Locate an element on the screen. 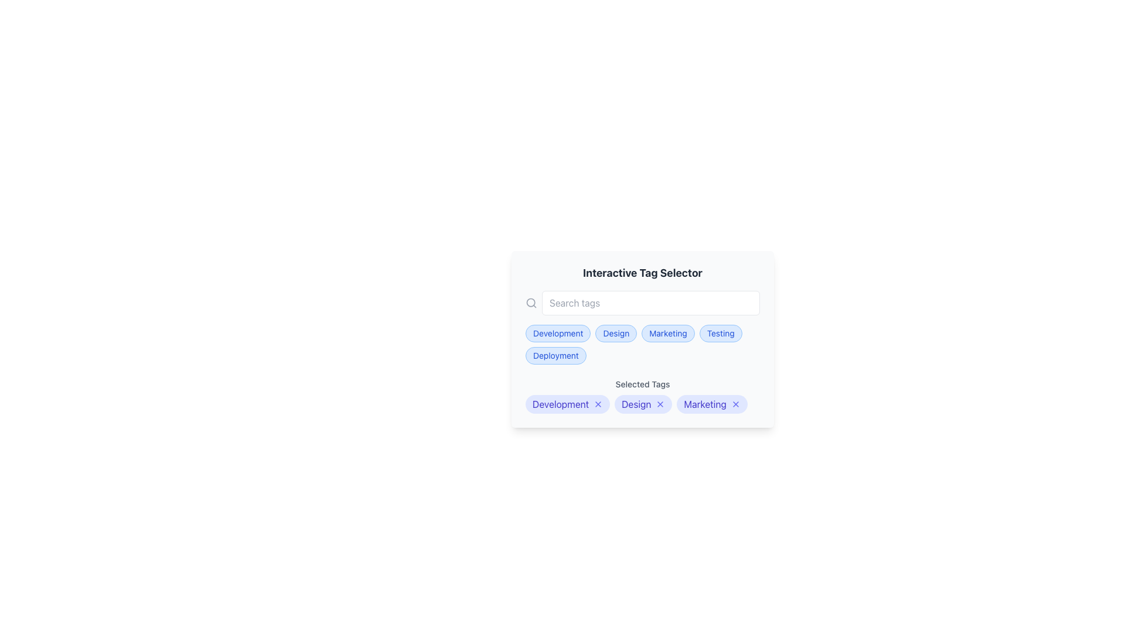  the 'Design' tag button, which is the second item in a horizontal row of five tags is located at coordinates (615, 334).